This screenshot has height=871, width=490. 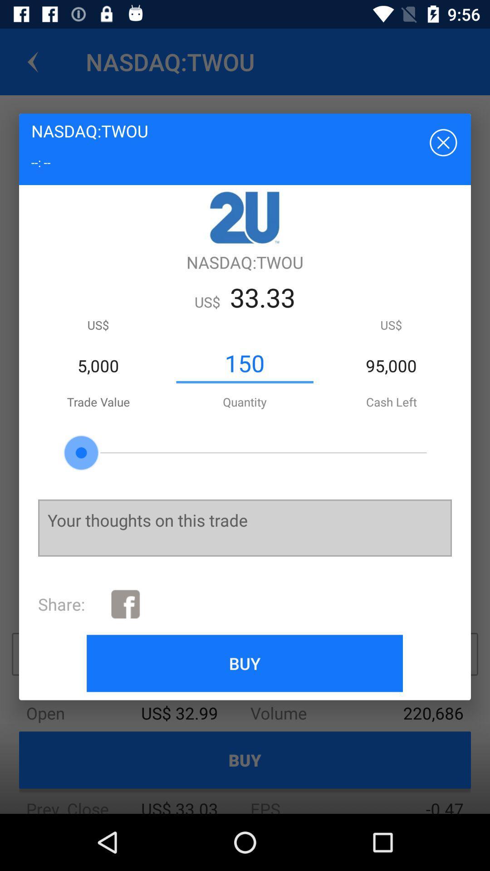 I want to click on the icon to the right of nasdaq:twou icon, so click(x=442, y=142).